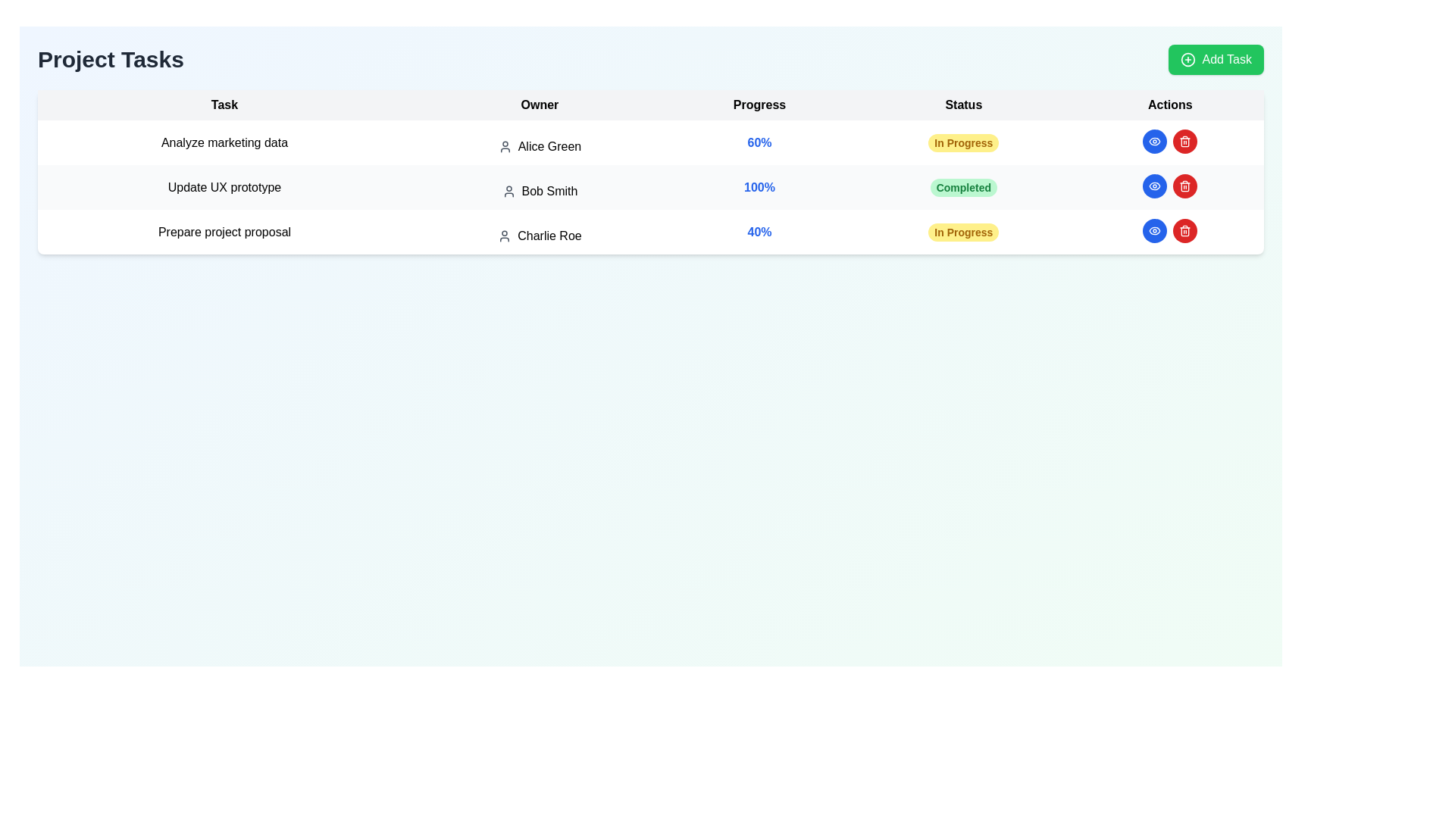  What do you see at coordinates (759, 186) in the screenshot?
I see `the static text label displaying '100%' in bold, blue font located in the 'Progress' column of the second row of a table, following the 'Bob Smith' element` at bounding box center [759, 186].